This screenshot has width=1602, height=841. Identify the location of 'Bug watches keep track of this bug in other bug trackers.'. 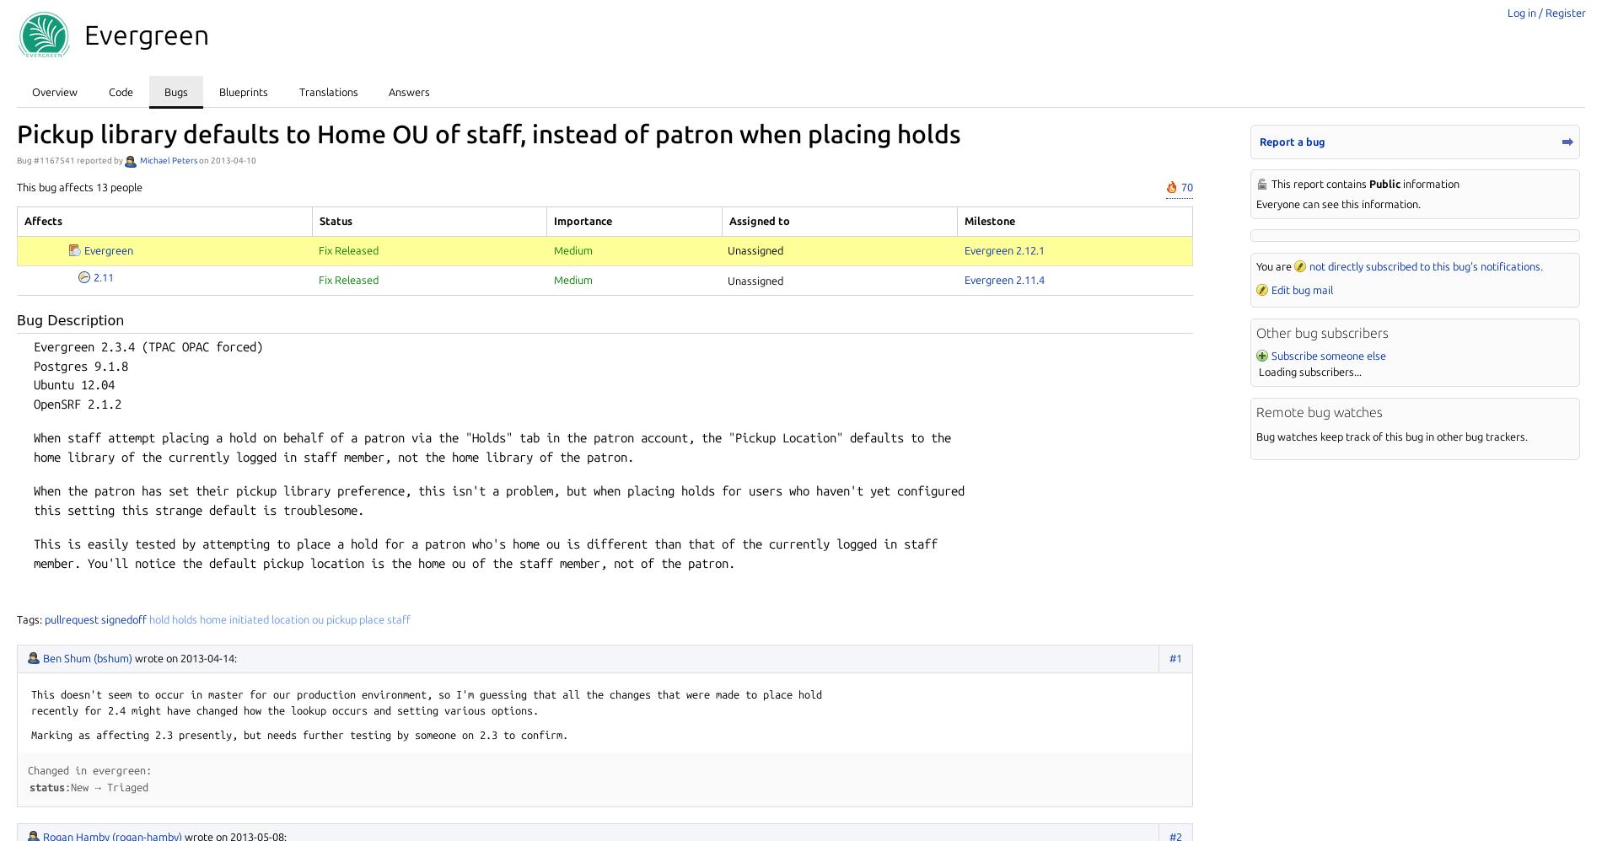
(1391, 436).